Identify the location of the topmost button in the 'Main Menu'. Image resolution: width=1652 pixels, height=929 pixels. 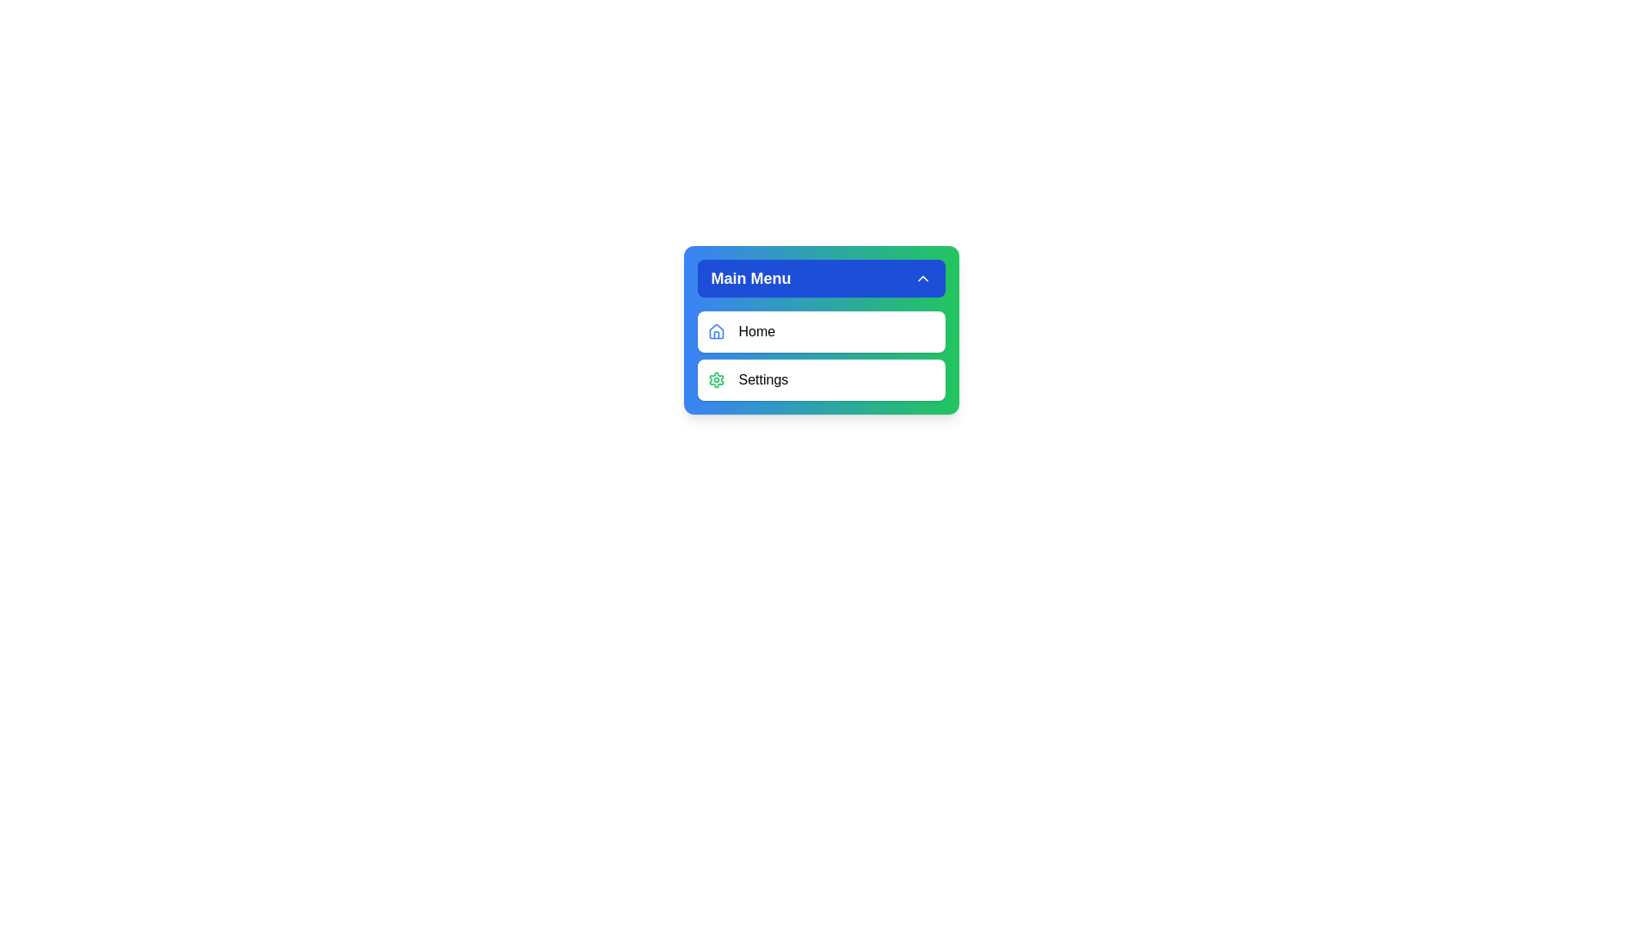
(820, 331).